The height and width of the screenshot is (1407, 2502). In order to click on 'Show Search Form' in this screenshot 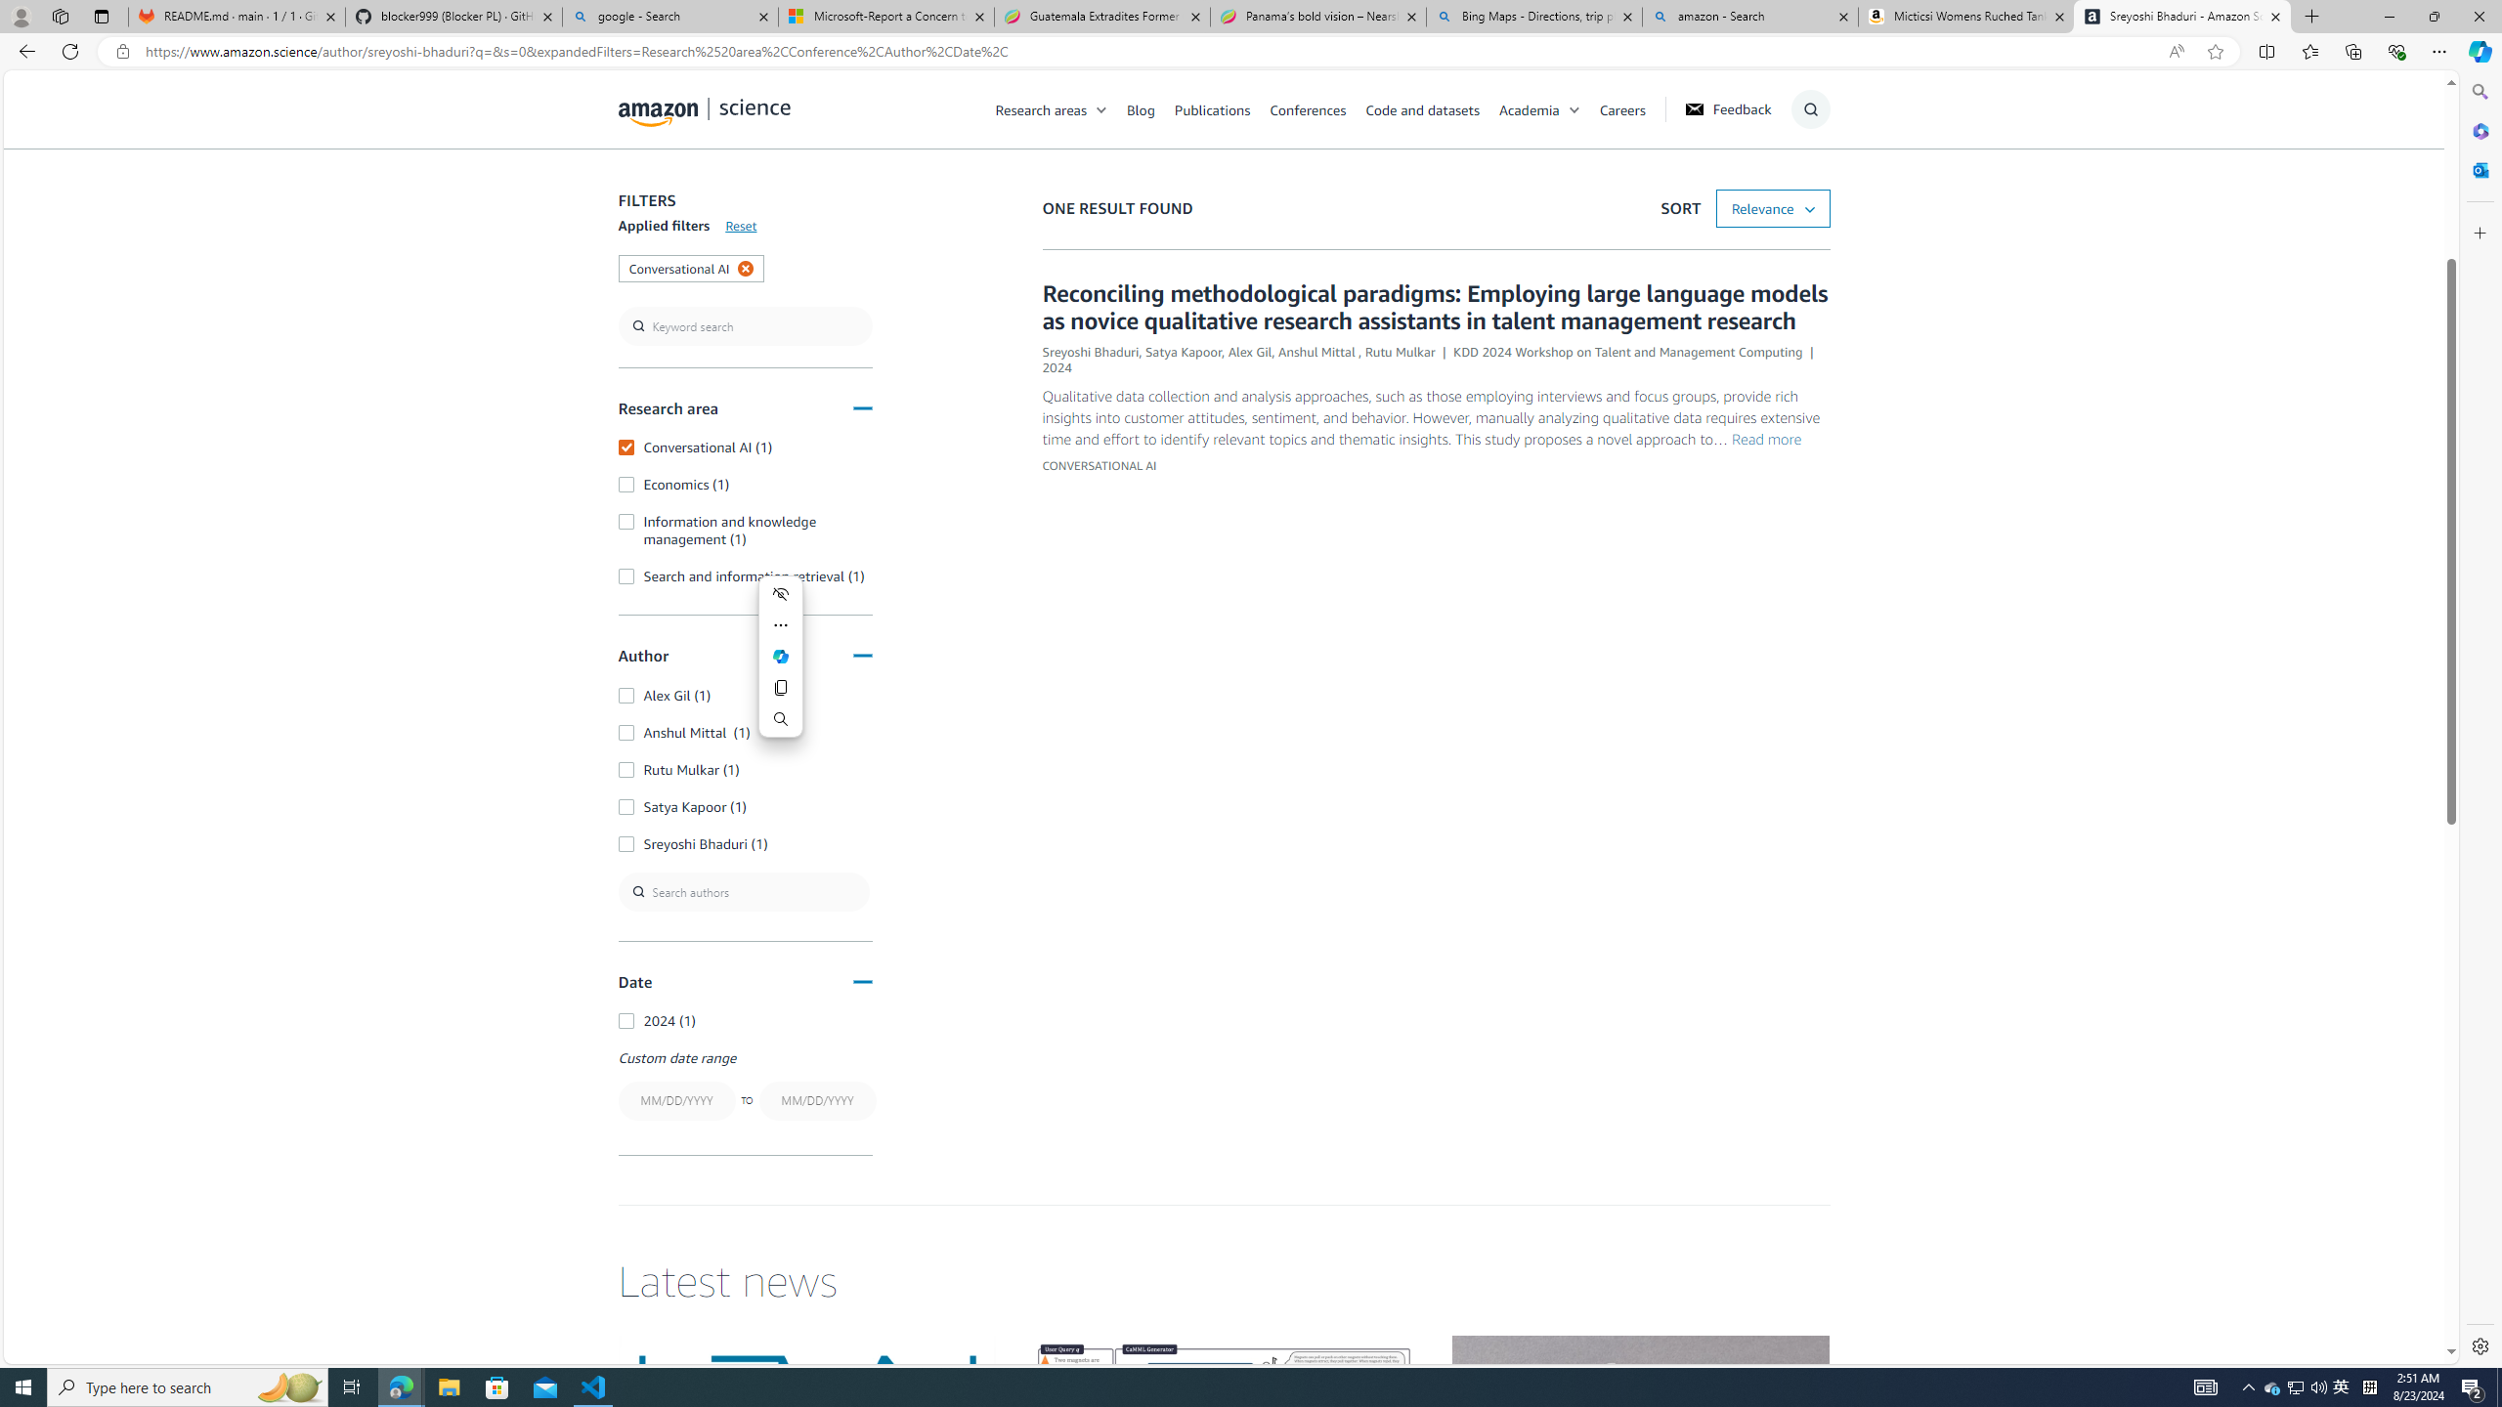, I will do `click(1810, 108)`.